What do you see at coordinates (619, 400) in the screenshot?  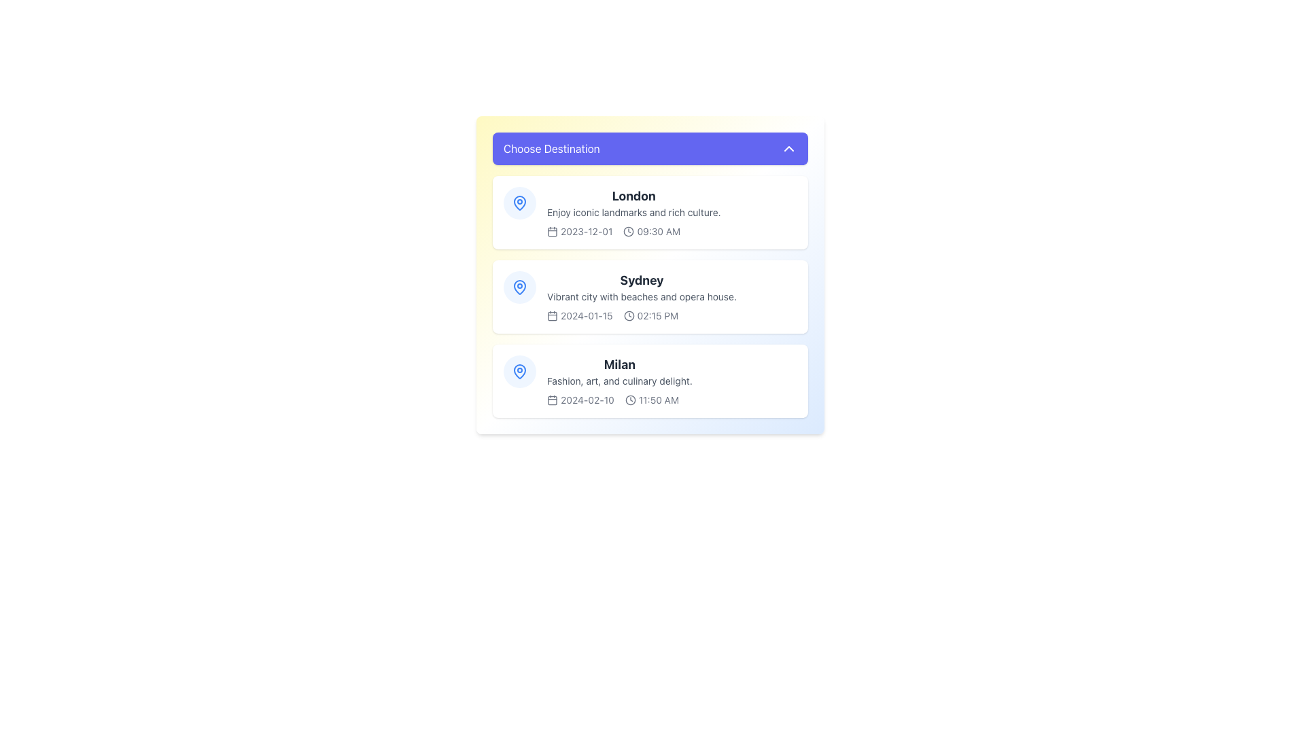 I see `the horizontal group of text and icons displaying the date '2024-02-10' and time '11:50 AM' with calendar and clock icons, located under the description 'Fashion, art, and culinary delight' within the 'Milan' item` at bounding box center [619, 400].